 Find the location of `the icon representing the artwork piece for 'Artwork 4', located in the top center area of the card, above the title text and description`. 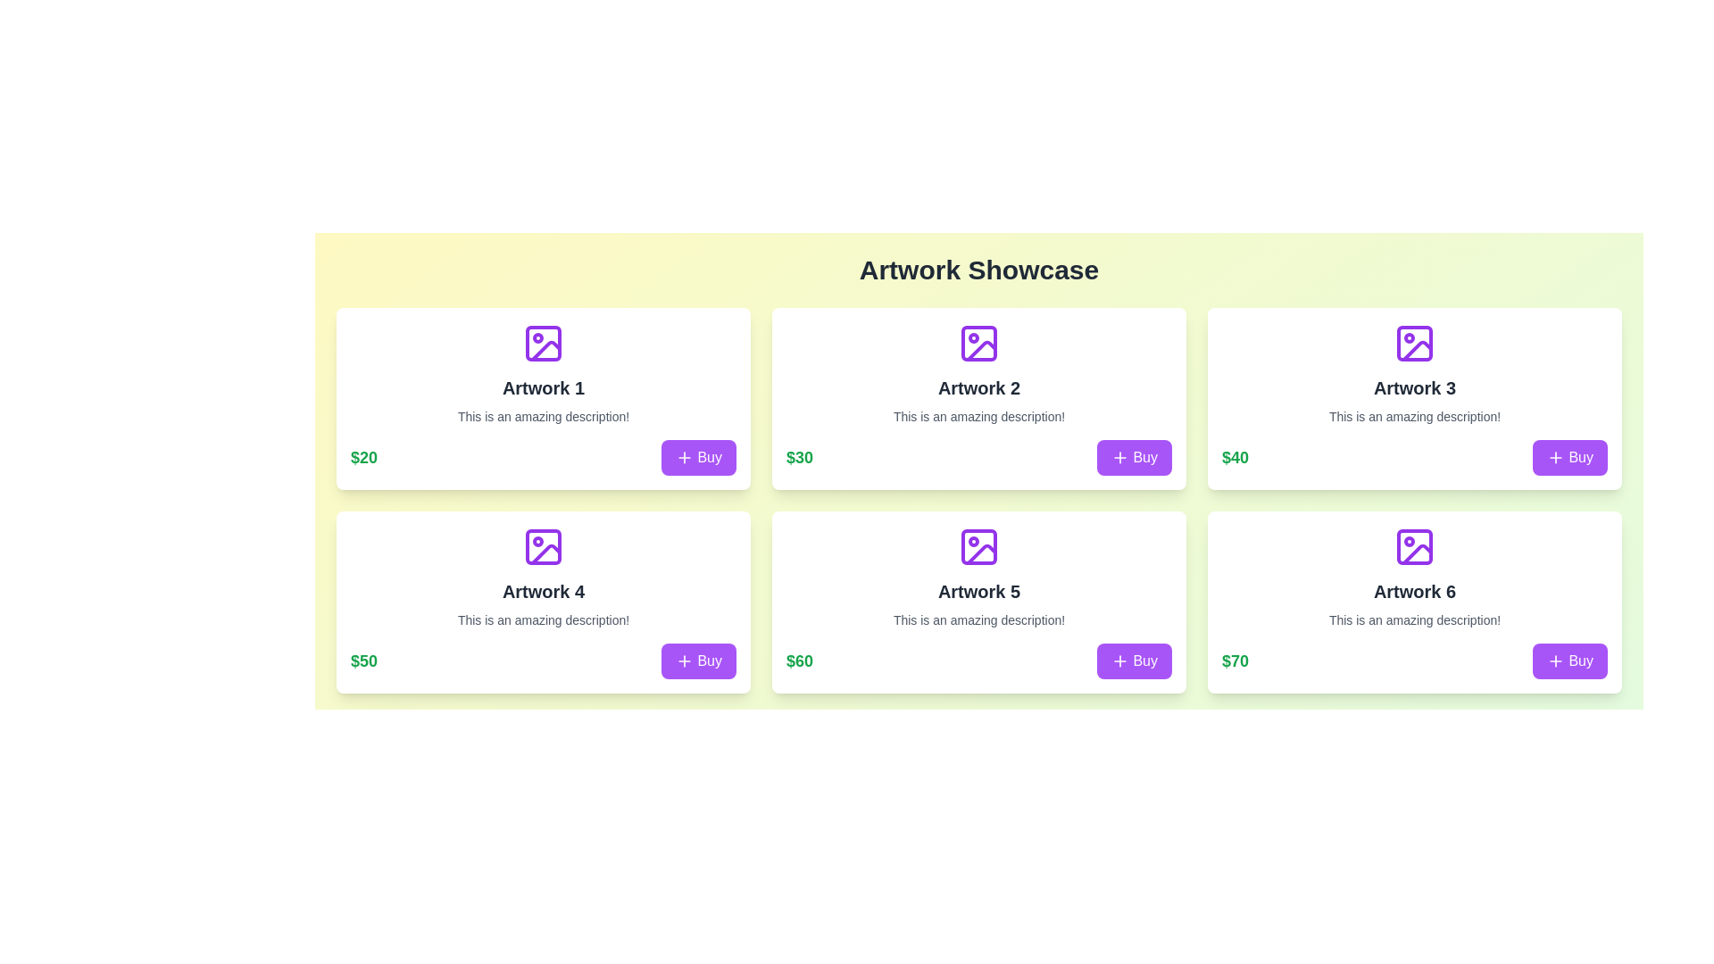

the icon representing the artwork piece for 'Artwork 4', located in the top center area of the card, above the title text and description is located at coordinates (543, 546).